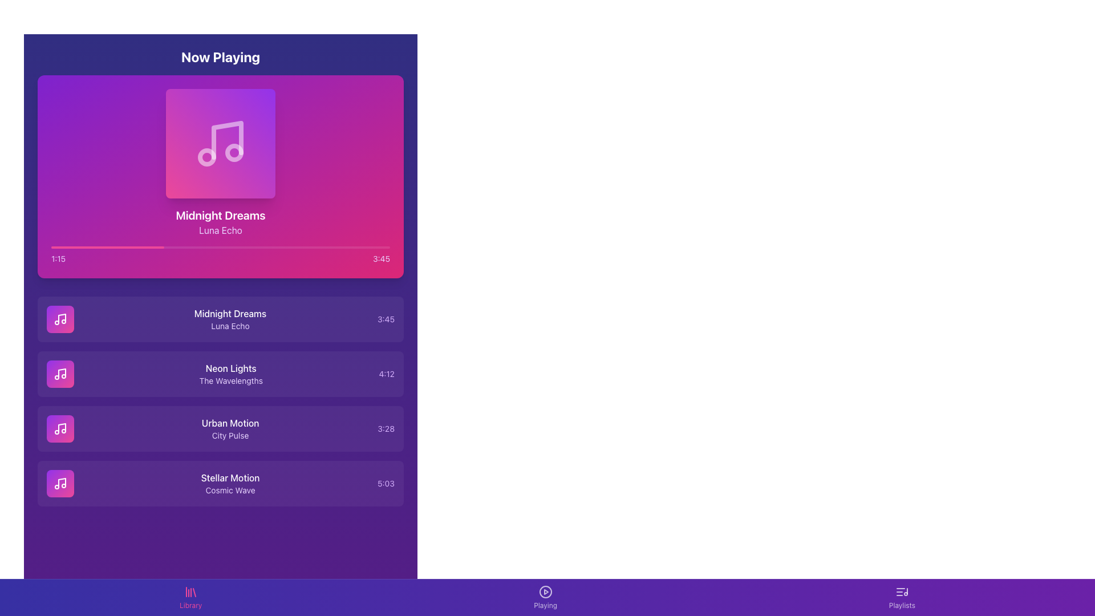 This screenshot has height=616, width=1095. Describe the element at coordinates (59, 374) in the screenshot. I see `the icon representing the song 'Neon Lights'` at that location.